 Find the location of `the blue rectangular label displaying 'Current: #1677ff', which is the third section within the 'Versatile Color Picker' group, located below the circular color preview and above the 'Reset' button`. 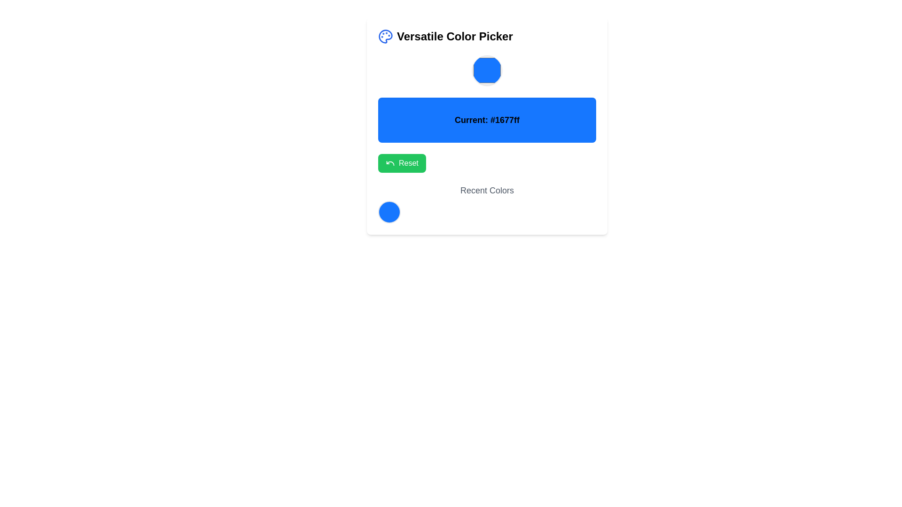

the blue rectangular label displaying 'Current: #1677ff', which is the third section within the 'Versatile Color Picker' group, located below the circular color preview and above the 'Reset' button is located at coordinates (487, 126).